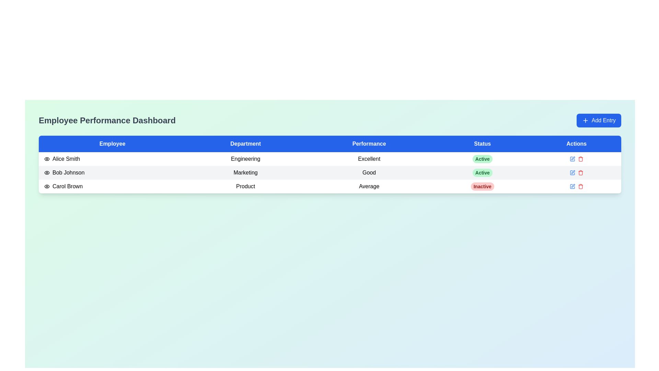 This screenshot has height=371, width=659. Describe the element at coordinates (245, 144) in the screenshot. I see `the 'Department' text label which is the second item in the tabular header row with a blue background and white text` at that location.